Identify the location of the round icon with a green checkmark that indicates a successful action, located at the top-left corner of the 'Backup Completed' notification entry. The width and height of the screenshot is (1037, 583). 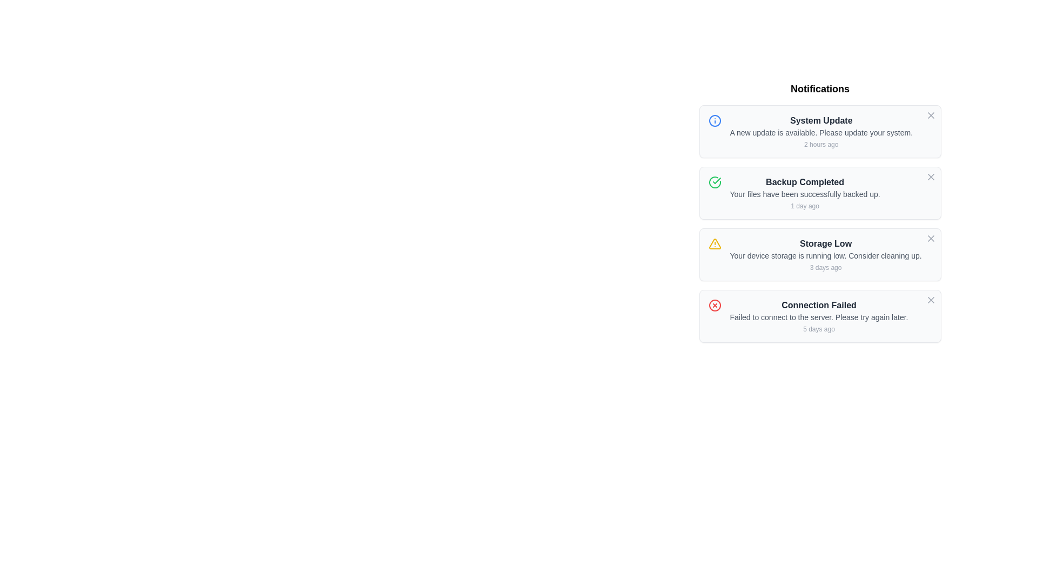
(715, 182).